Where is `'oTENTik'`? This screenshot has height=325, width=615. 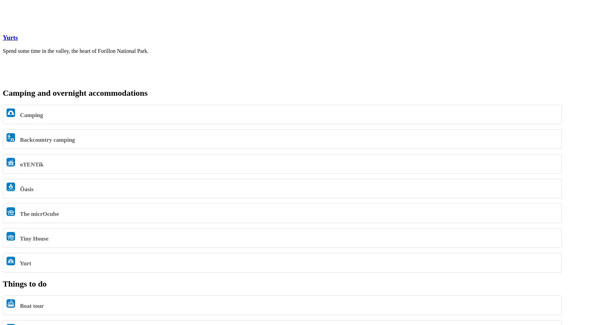
'oTENTik' is located at coordinates (31, 164).